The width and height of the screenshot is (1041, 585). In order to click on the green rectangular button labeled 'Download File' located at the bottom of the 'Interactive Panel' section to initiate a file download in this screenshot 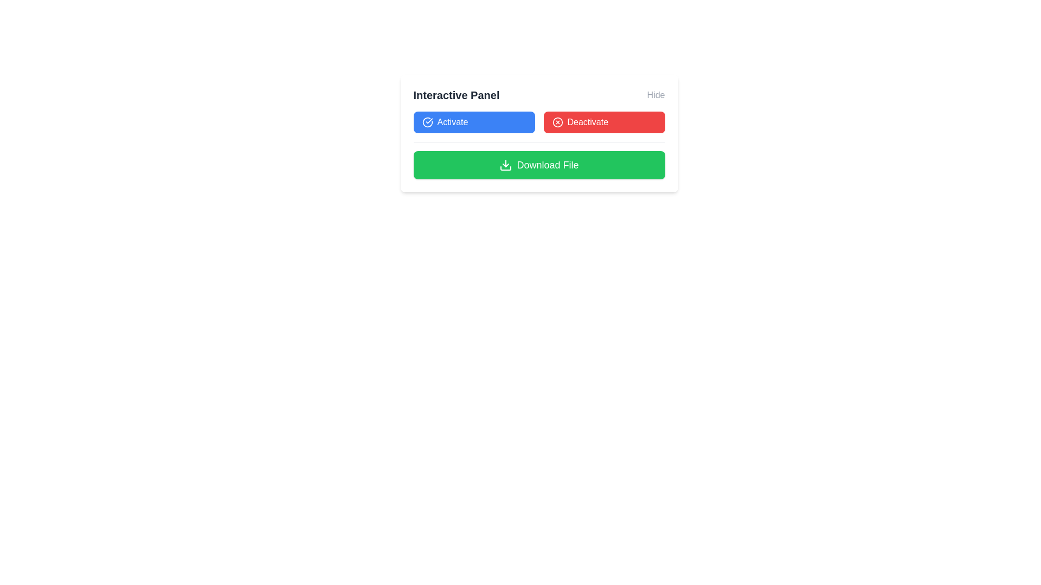, I will do `click(539, 160)`.